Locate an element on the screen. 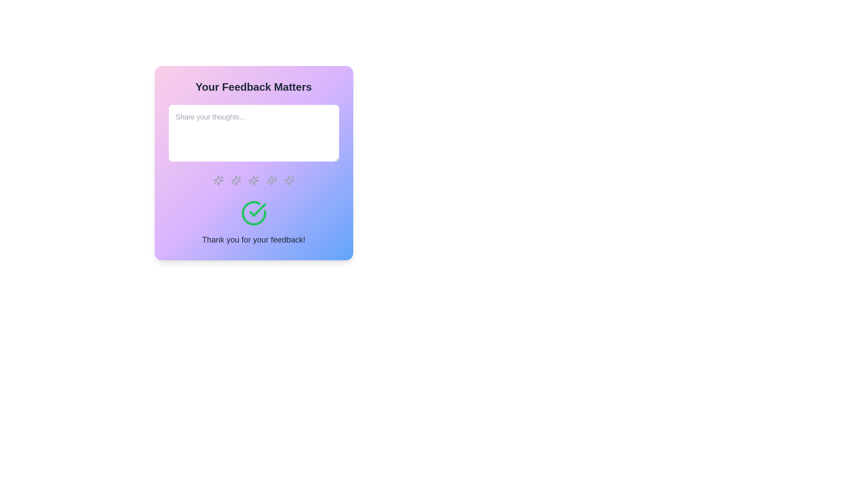 The height and width of the screenshot is (478, 851). the sixth gray icon button with a sparkles design is located at coordinates (271, 180).